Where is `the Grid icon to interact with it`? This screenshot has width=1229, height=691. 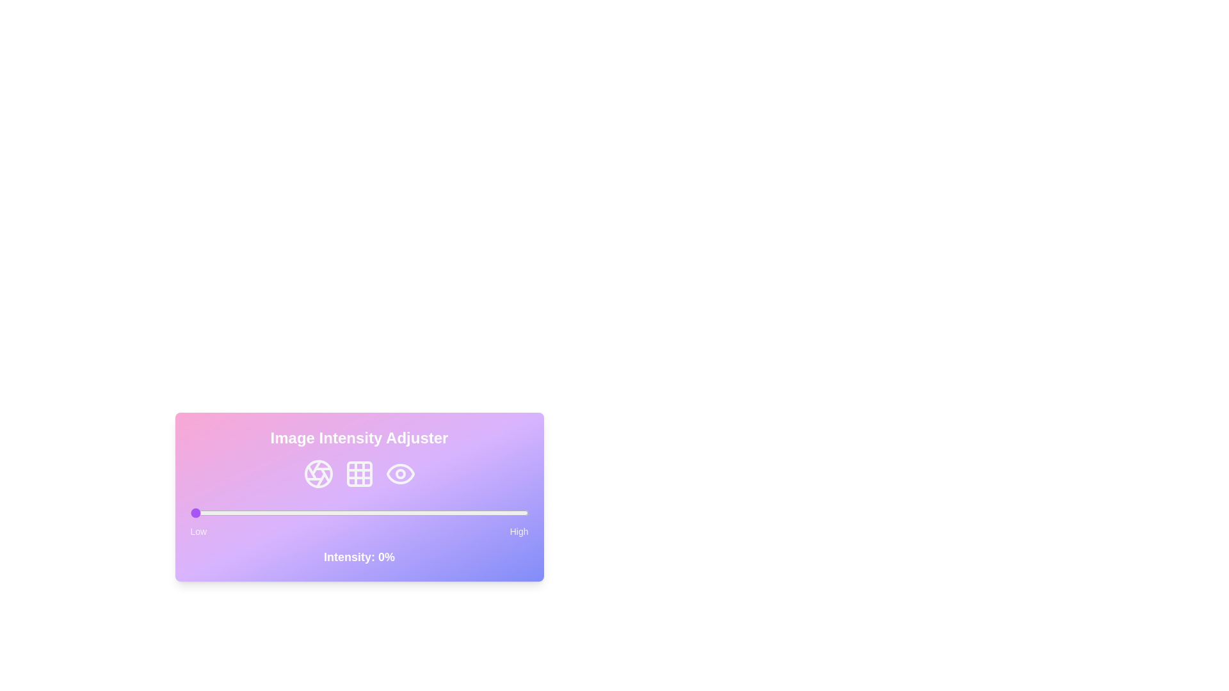 the Grid icon to interact with it is located at coordinates (358, 473).